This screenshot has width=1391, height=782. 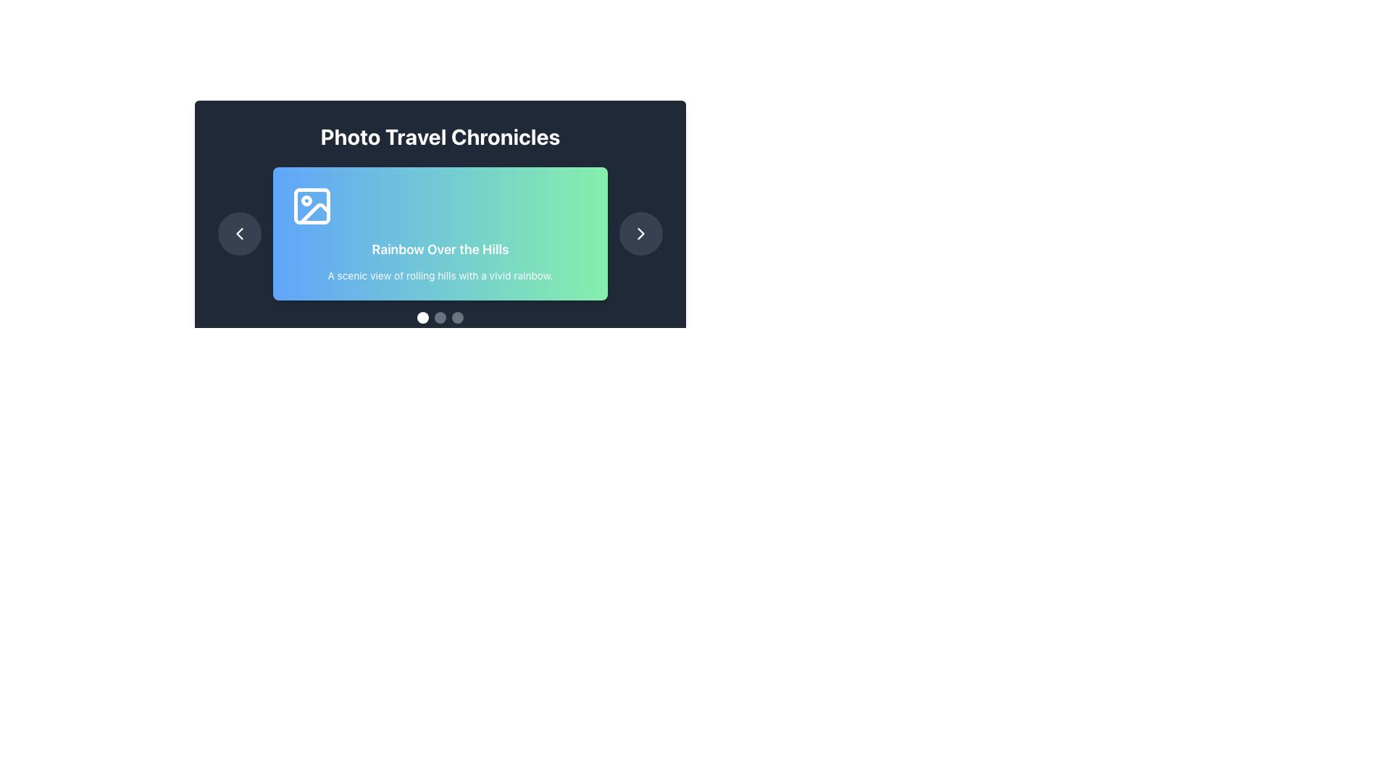 I want to click on the left navigation icon button located inside a dark circular button beneath the title 'Photo Travel Chronicles', so click(x=240, y=233).